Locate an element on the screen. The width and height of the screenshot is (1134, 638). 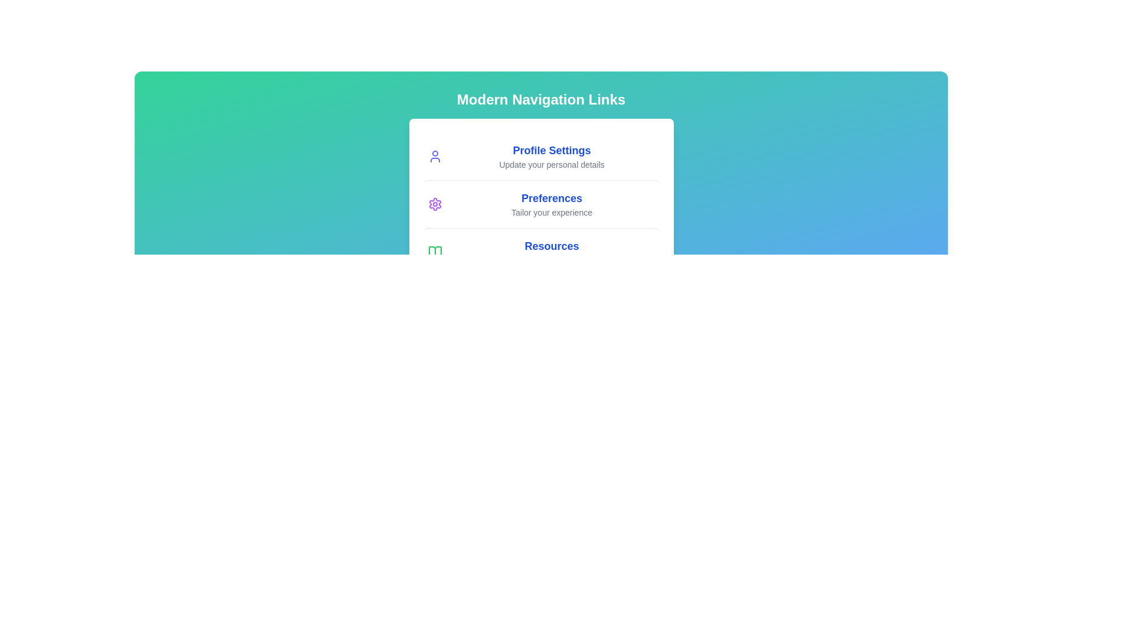
the settings icon located adjacent to the 'Preferences' label and above the 'Resources' label in the vertical navigation section is located at coordinates (434, 204).